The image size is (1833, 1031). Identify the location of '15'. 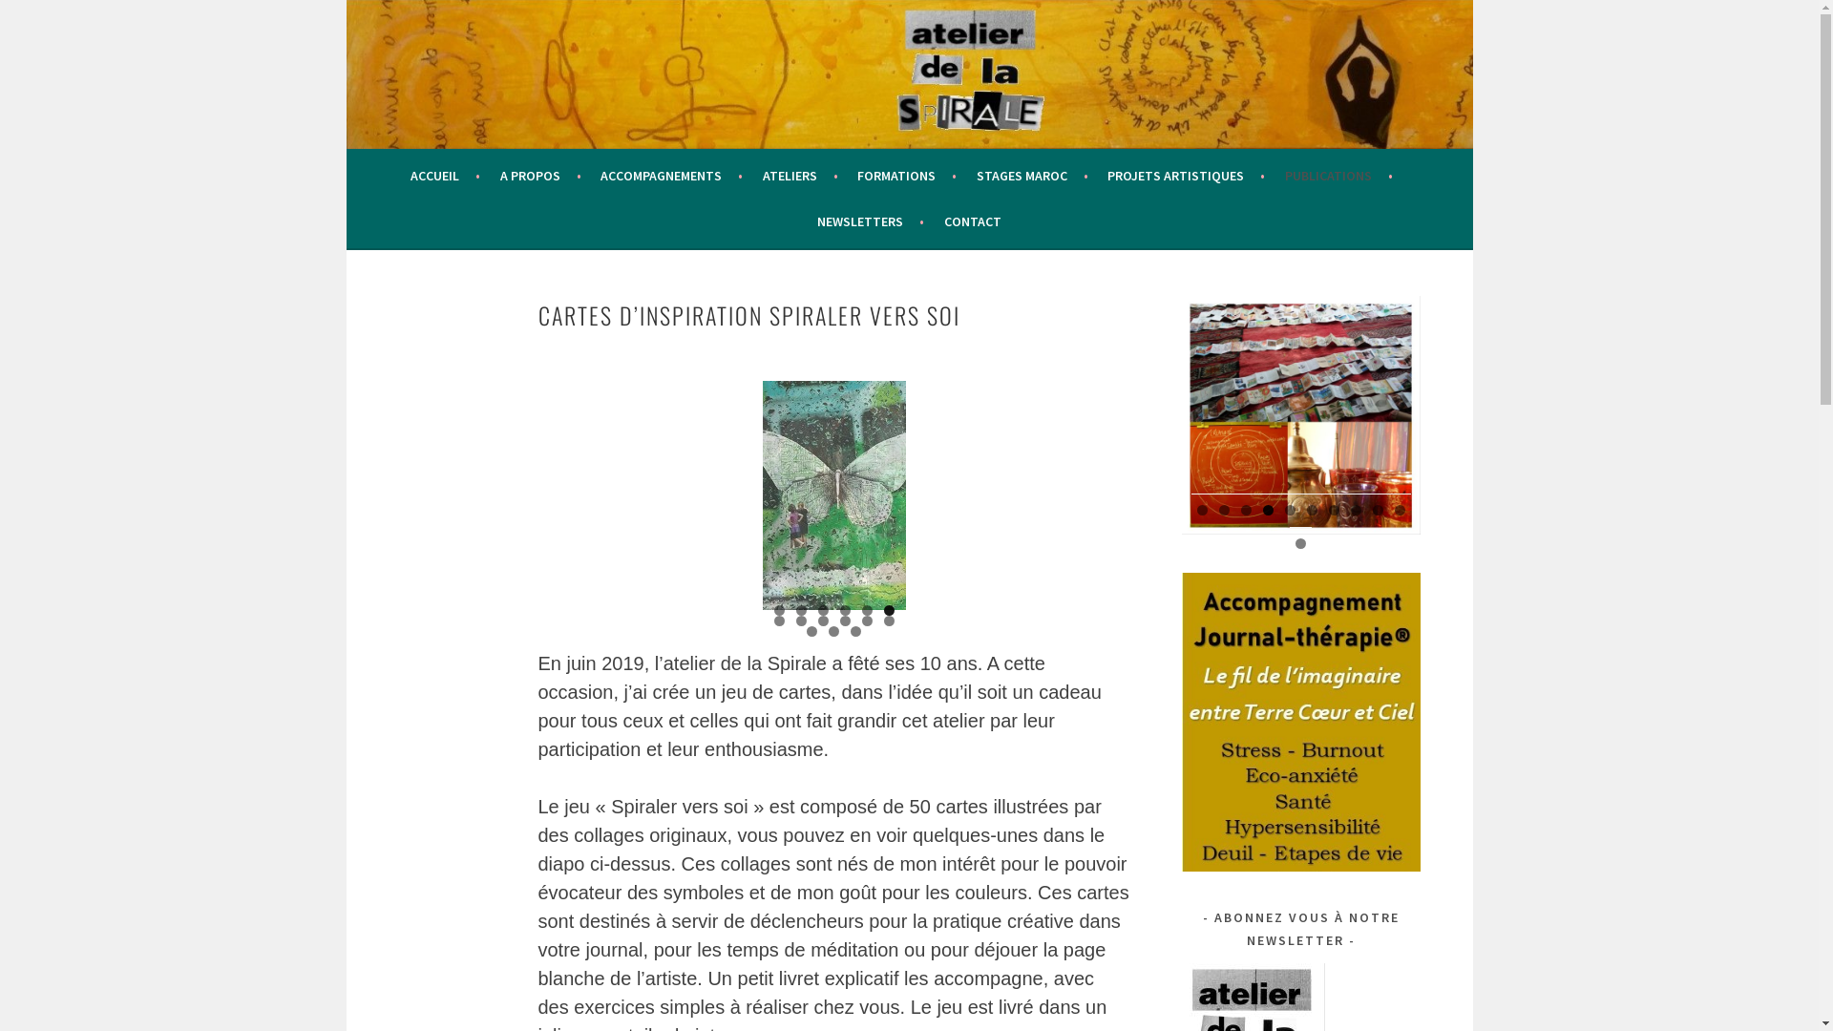
(854, 631).